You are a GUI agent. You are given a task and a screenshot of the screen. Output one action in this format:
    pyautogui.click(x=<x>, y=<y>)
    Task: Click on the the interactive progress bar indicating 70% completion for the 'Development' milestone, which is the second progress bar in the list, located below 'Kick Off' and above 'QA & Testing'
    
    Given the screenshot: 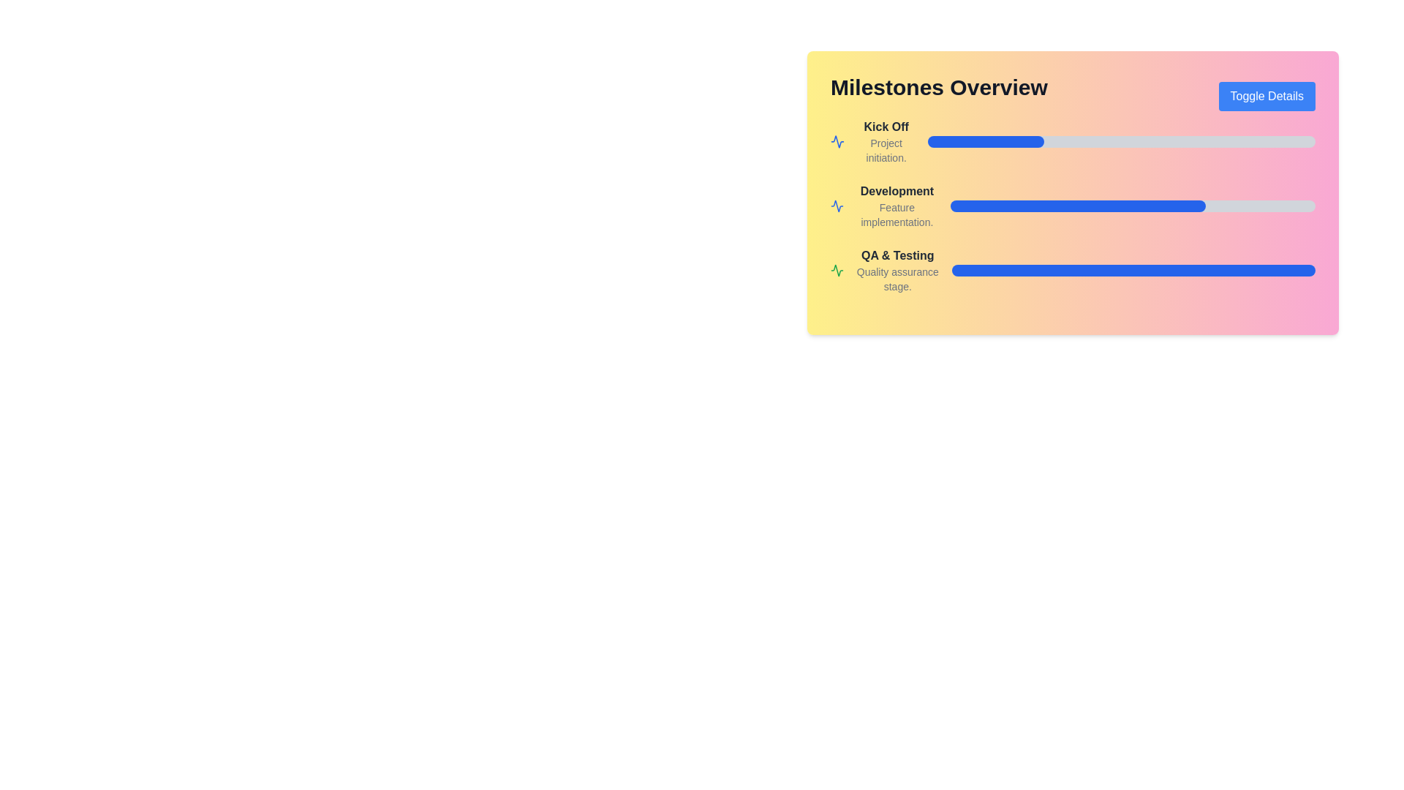 What is the action you would take?
    pyautogui.click(x=1073, y=192)
    